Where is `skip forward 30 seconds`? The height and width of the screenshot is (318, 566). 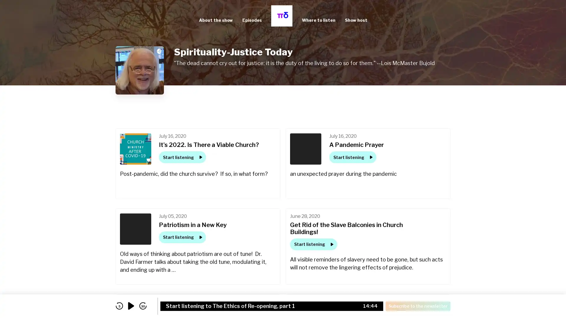
skip forward 30 seconds is located at coordinates (143, 306).